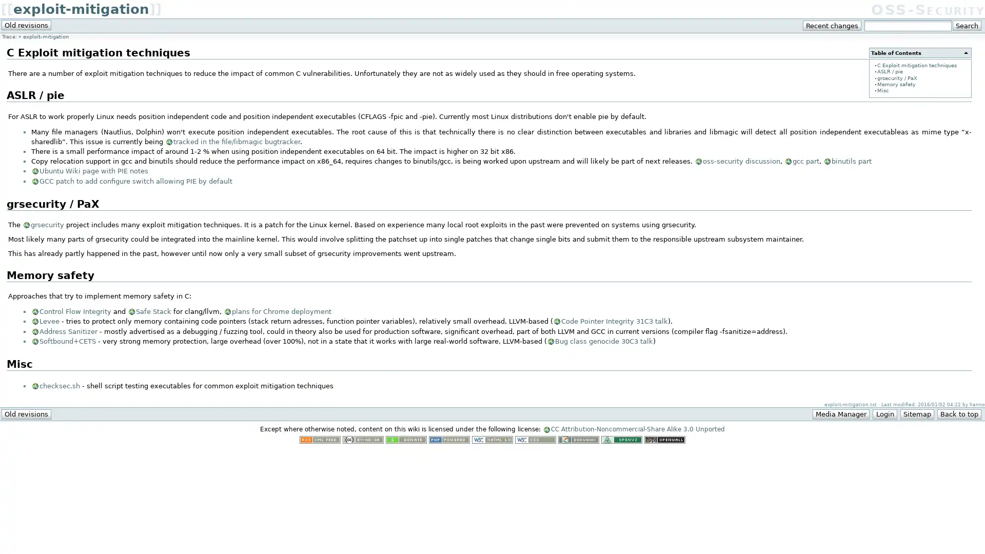 The width and height of the screenshot is (985, 554). What do you see at coordinates (966, 25) in the screenshot?
I see `Search` at bounding box center [966, 25].